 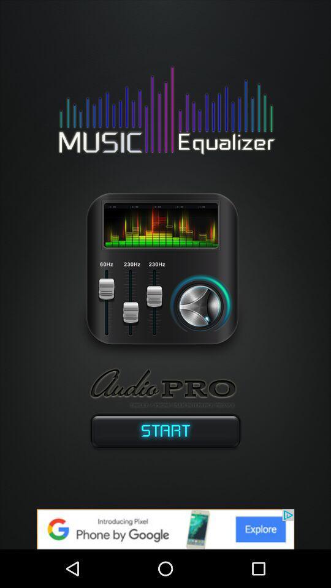 I want to click on switch start option, so click(x=165, y=433).